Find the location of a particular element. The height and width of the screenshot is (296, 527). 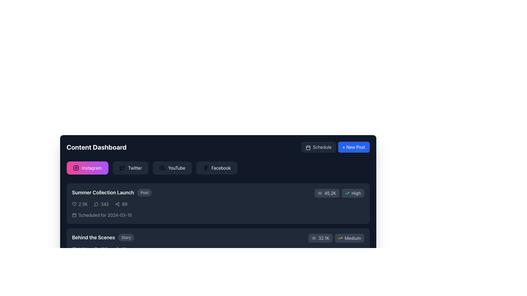

the Facebook icon, which is a small vector icon resembling the Facebook logo with a distinct 'f' shape, located within the fourth social media button preceding the text label 'Facebook' is located at coordinates (205, 168).